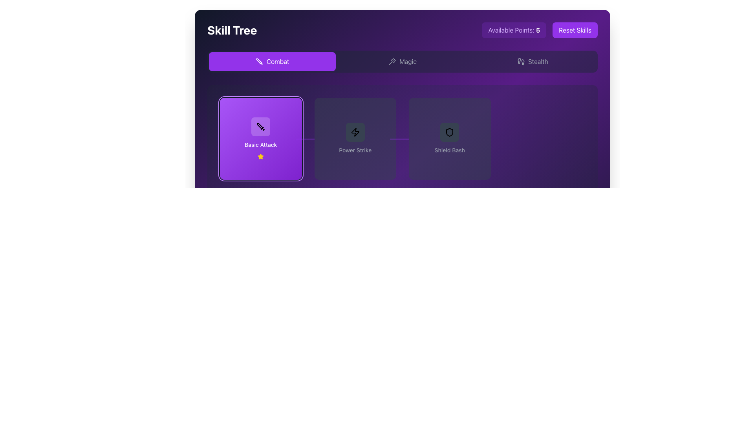  Describe the element at coordinates (304, 139) in the screenshot. I see `the Decorative Line that visually connects the 'Basic Attack' and 'Power Strike' skill cards in the skill tree interface` at that location.